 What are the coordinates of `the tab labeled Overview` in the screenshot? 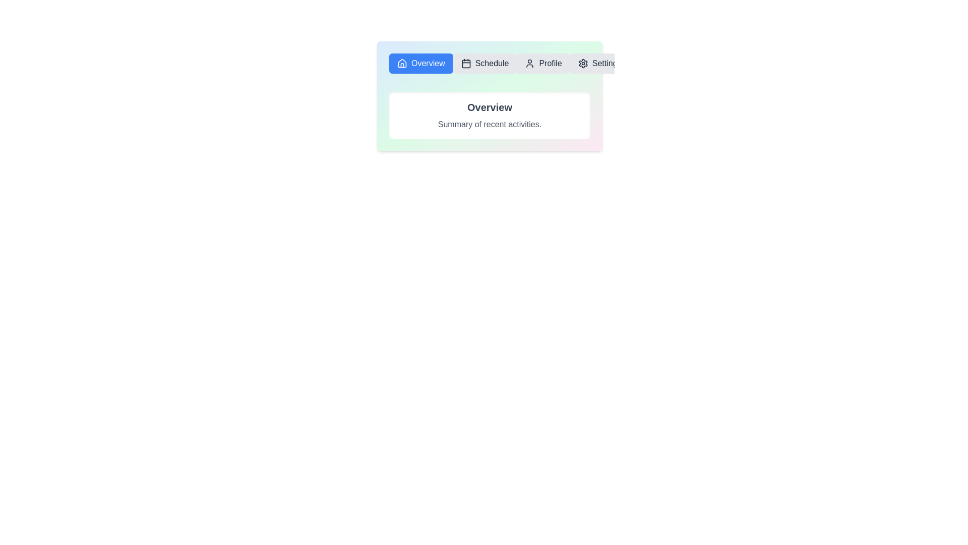 It's located at (421, 64).